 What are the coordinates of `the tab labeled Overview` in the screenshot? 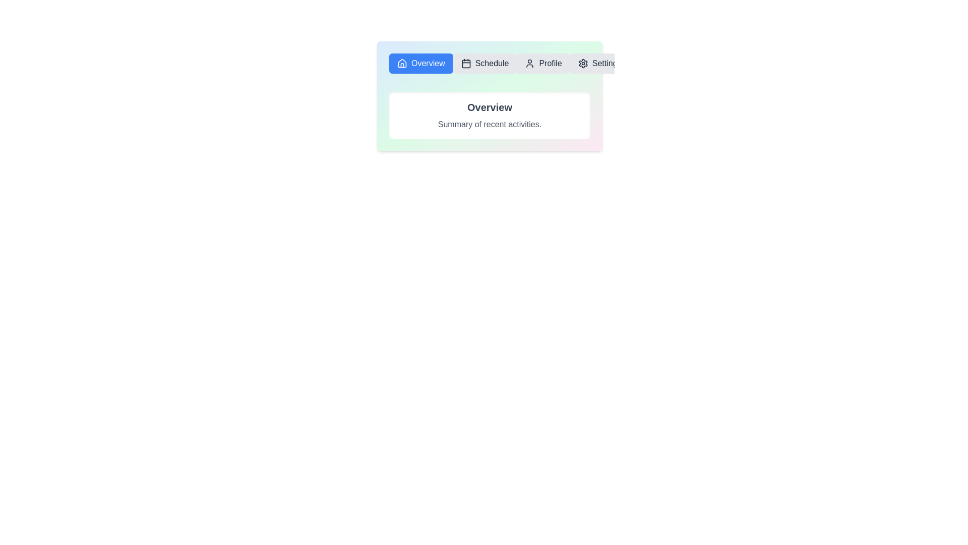 It's located at (421, 64).